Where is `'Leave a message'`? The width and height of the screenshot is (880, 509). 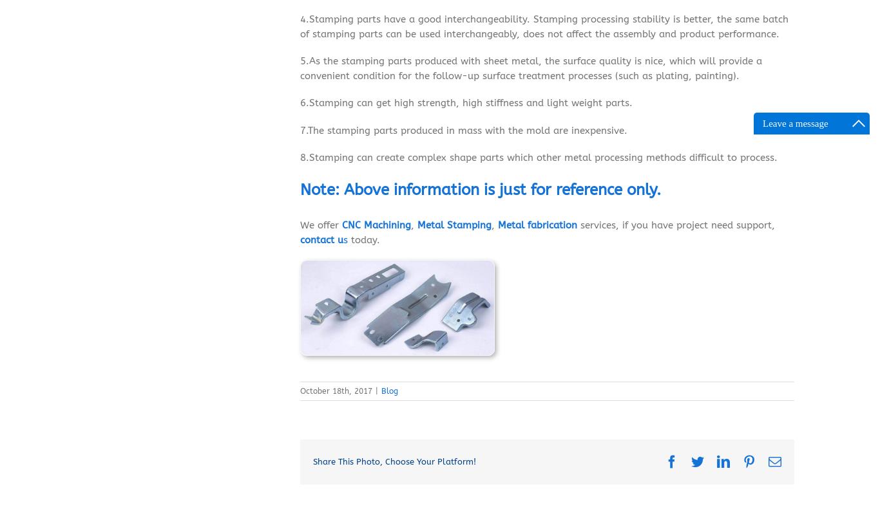
'Leave a message' is located at coordinates (795, 123).